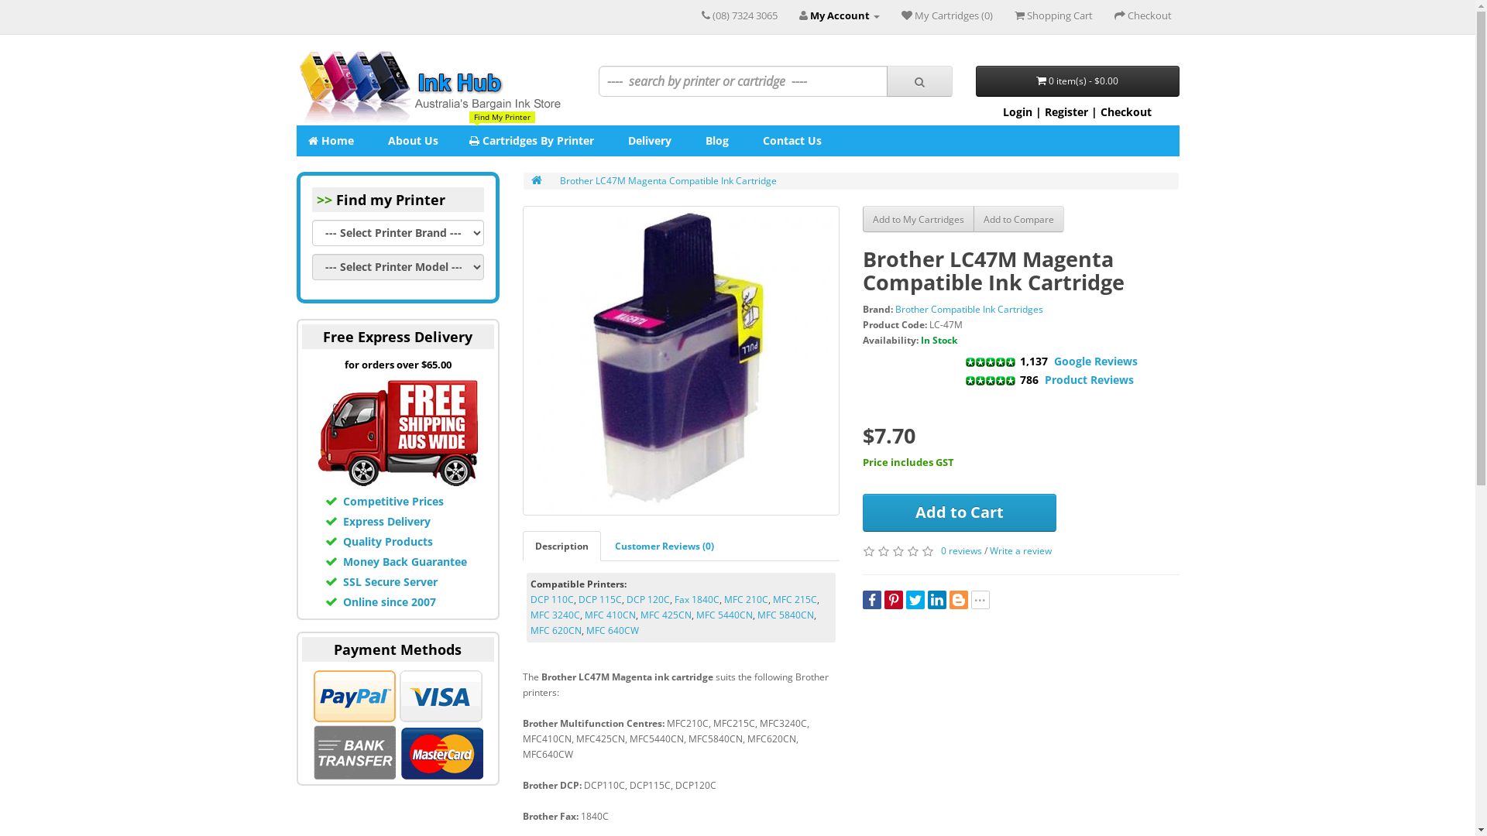  I want to click on 'DCP 120C', so click(647, 598).